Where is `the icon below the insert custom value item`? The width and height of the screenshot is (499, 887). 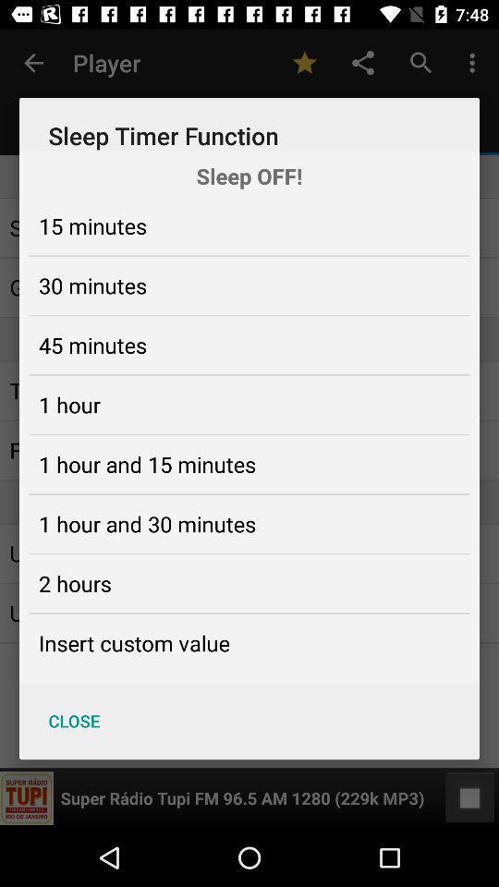 the icon below the insert custom value item is located at coordinates (73, 720).